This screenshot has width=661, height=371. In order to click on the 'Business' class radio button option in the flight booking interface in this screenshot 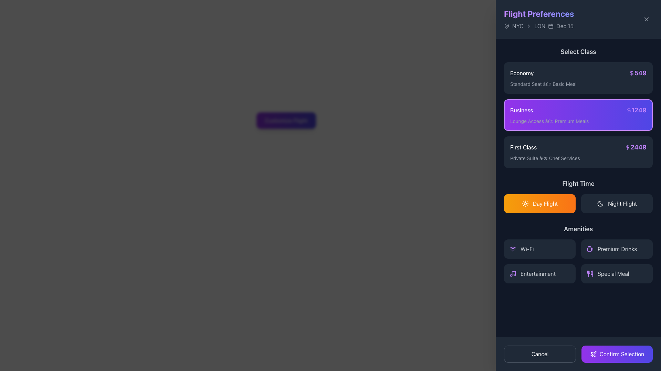, I will do `click(578, 115)`.